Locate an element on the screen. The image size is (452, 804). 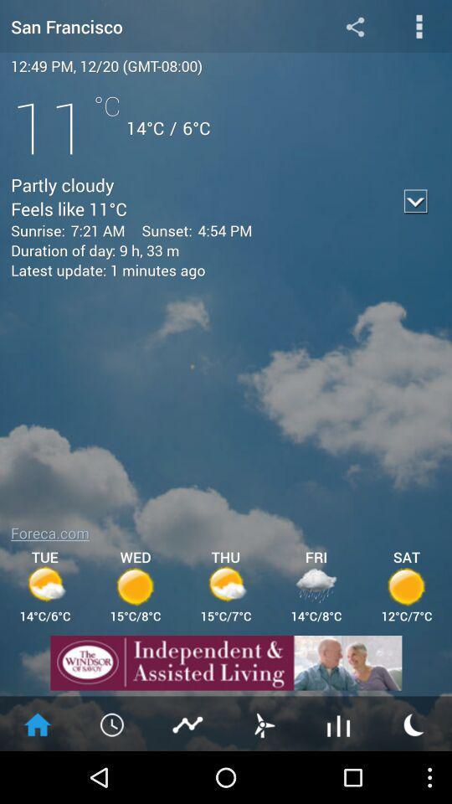
advertisement is located at coordinates (226, 662).